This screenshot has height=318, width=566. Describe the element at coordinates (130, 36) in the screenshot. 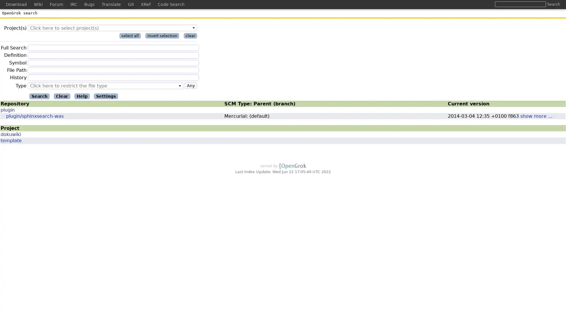

I see `select all` at that location.